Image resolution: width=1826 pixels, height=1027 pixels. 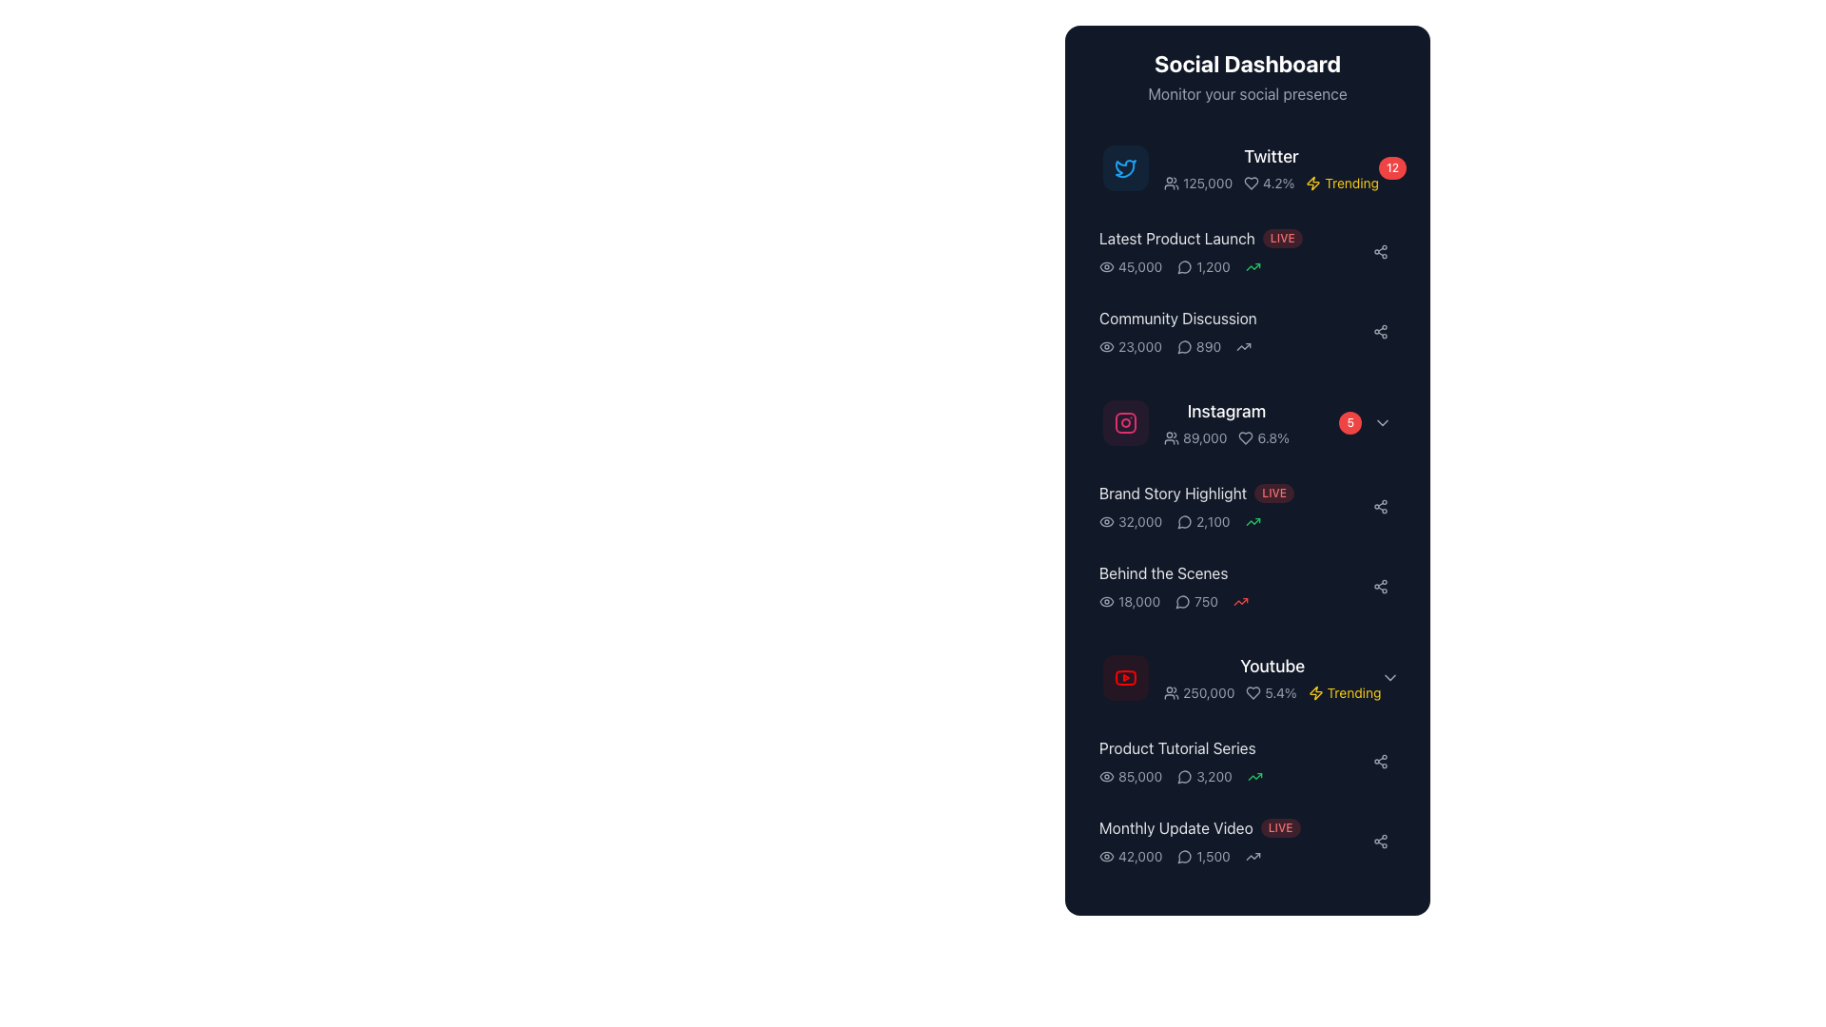 I want to click on the Content summary panel displaying 'Behind the Scenes' with associated data and icons, located between 'Brand Story Highlight' and 'Youtube', so click(x=1233, y=586).